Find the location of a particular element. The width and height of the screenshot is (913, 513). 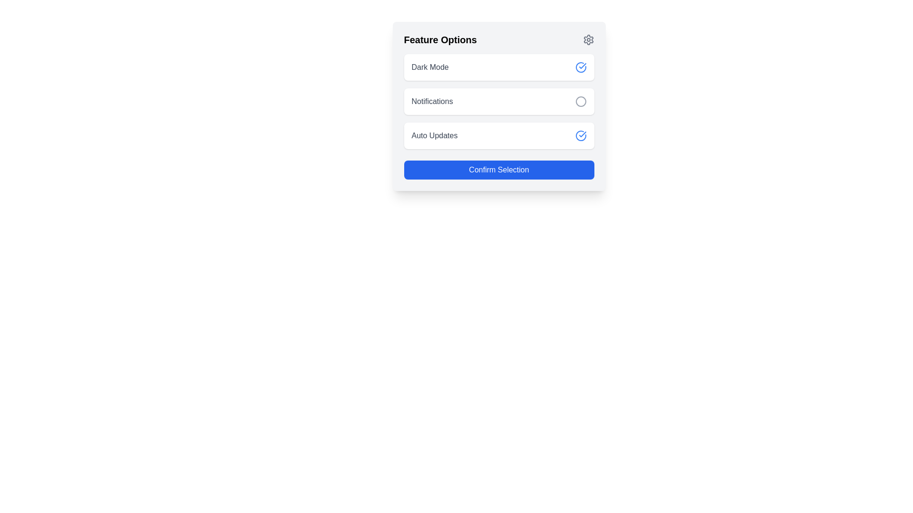

the circular blue icon with a checkmark inside, located to the far-right of the 'Auto Updates' text in the 'Feature Options' section is located at coordinates (580, 135).